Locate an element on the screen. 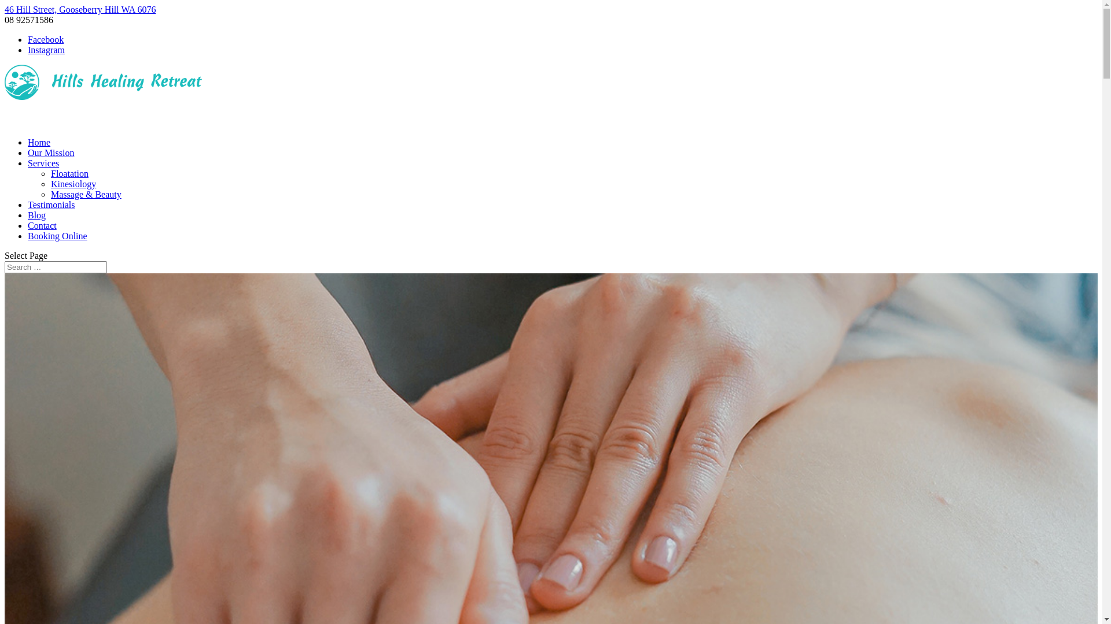  'Our Mission' is located at coordinates (28, 158).